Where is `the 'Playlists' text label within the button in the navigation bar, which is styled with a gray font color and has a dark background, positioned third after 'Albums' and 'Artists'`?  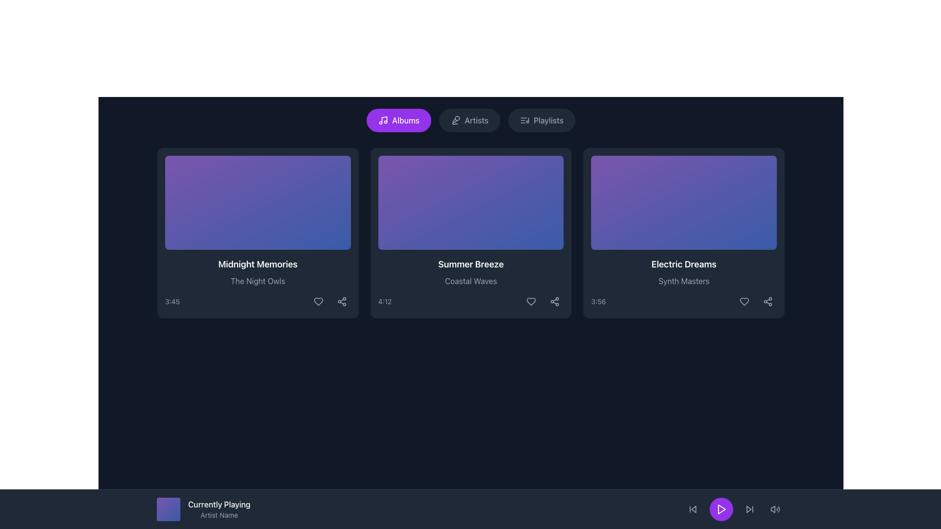
the 'Playlists' text label within the button in the navigation bar, which is styled with a gray font color and has a dark background, positioned third after 'Albums' and 'Artists' is located at coordinates (548, 120).